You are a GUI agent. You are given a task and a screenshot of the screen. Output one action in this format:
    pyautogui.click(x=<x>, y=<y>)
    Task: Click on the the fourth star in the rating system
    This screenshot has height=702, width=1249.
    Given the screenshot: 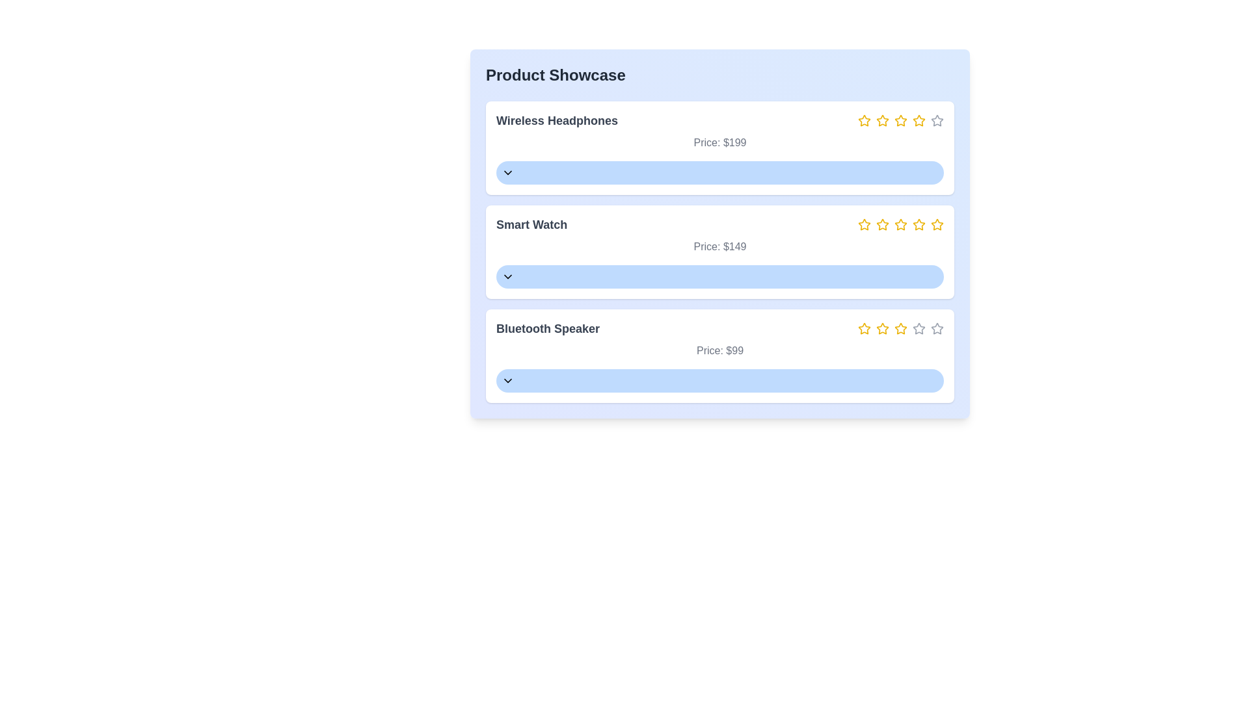 What is the action you would take?
    pyautogui.click(x=900, y=120)
    